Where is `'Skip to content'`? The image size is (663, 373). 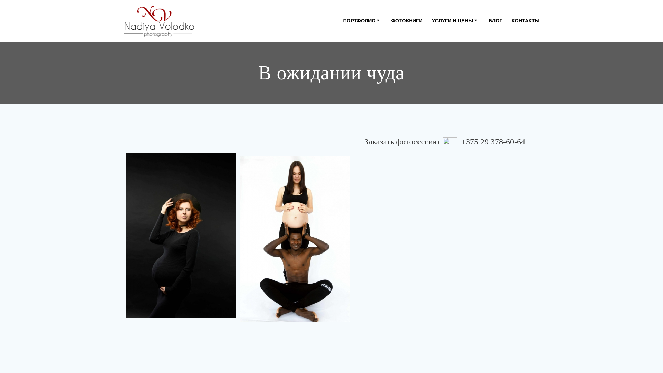
'Skip to content' is located at coordinates (0, 0).